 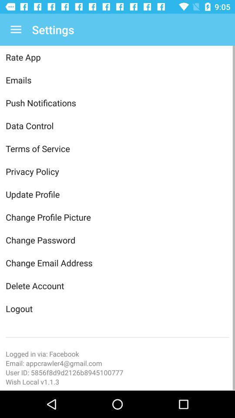 What do you see at coordinates (117, 372) in the screenshot?
I see `the item below the email appcrawler4 gmail` at bounding box center [117, 372].